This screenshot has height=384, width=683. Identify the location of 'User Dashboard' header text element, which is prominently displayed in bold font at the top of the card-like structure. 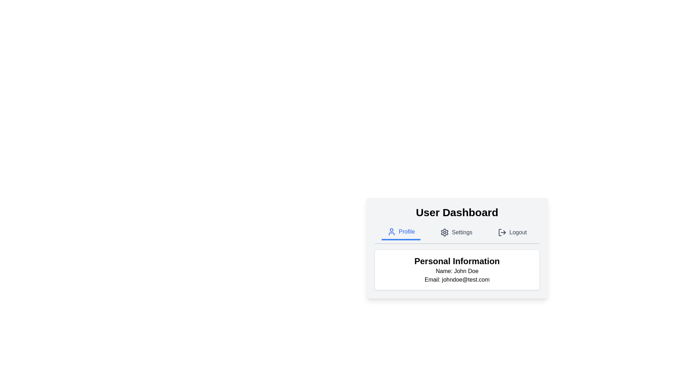
(457, 212).